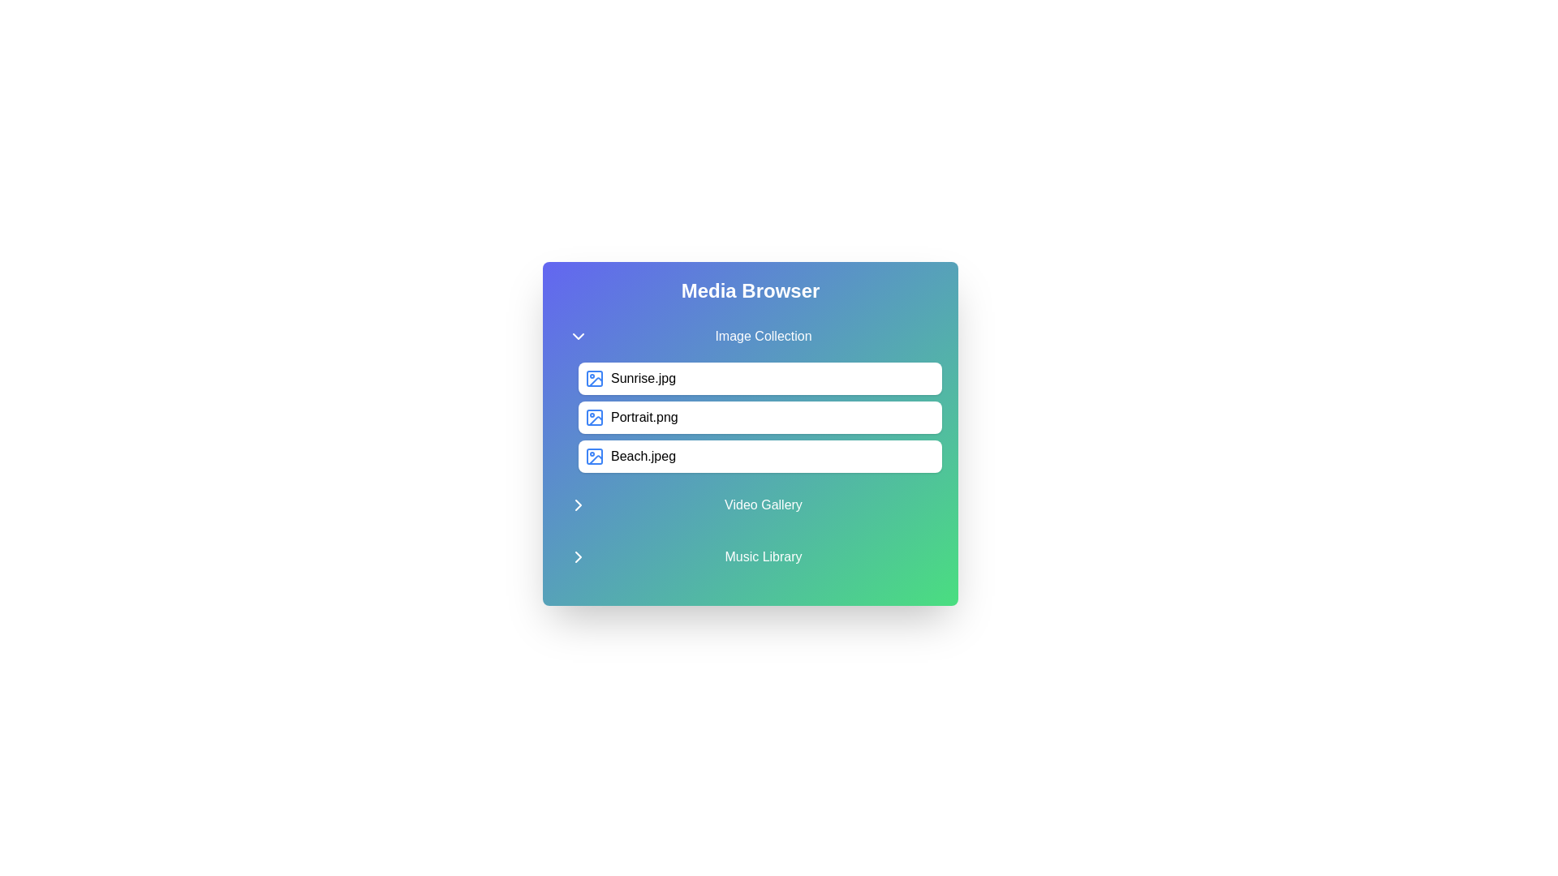  Describe the element at coordinates (750, 556) in the screenshot. I see `the category title Music Library to toggle its state` at that location.